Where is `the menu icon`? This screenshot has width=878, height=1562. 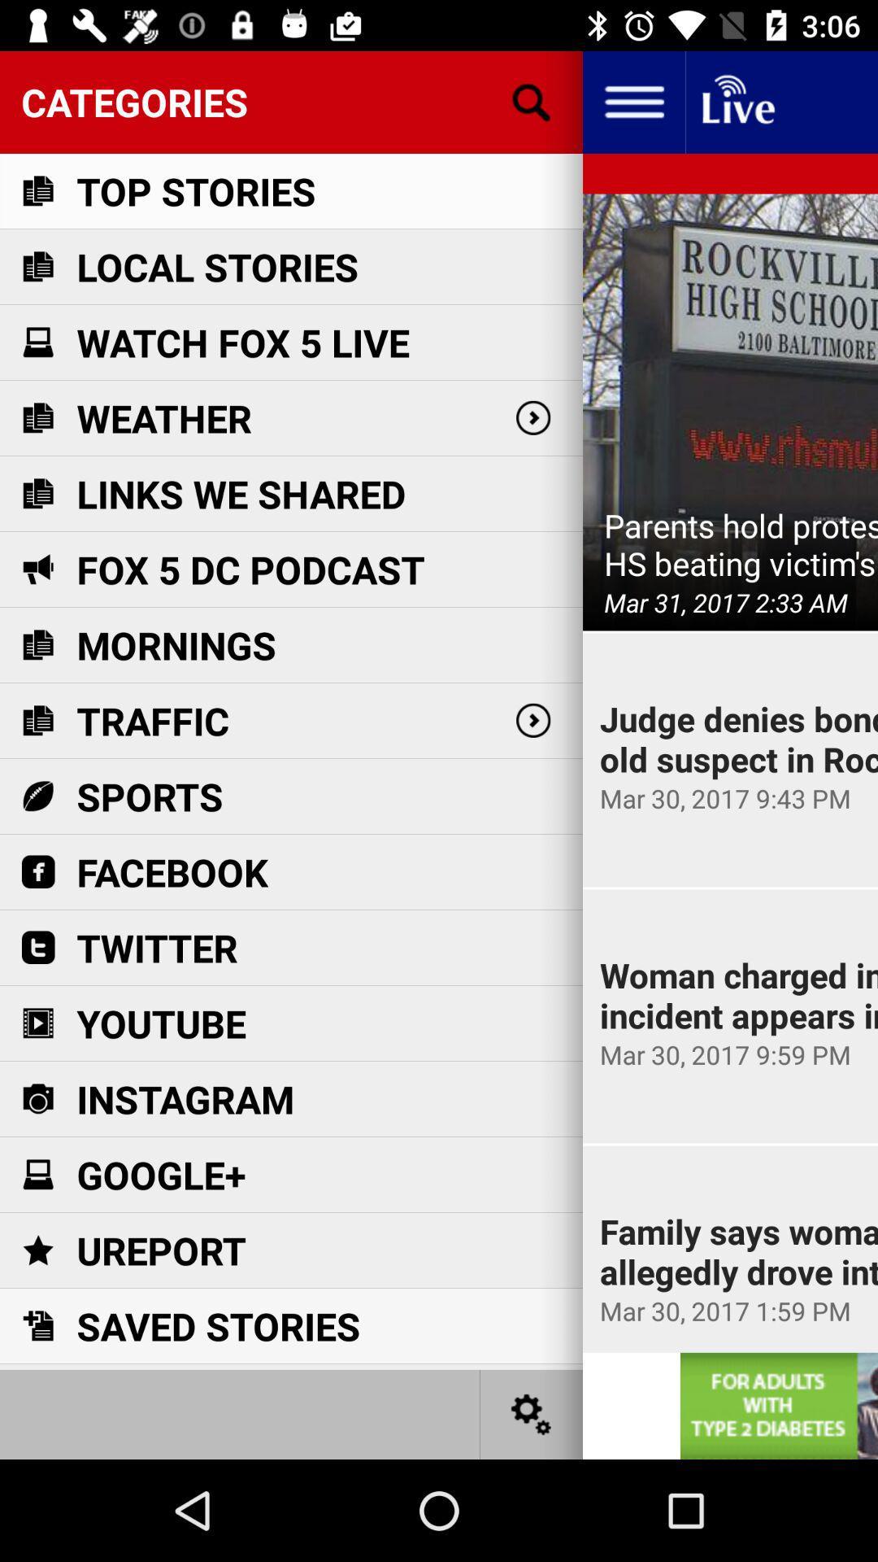
the menu icon is located at coordinates (632, 101).